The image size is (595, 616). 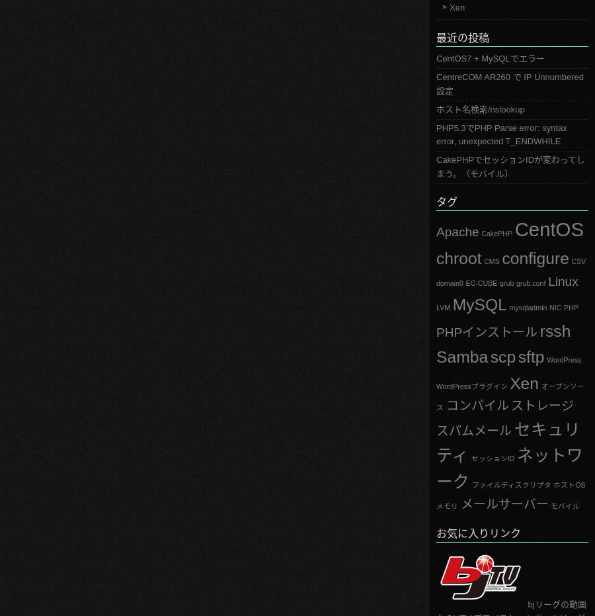 I want to click on 'CentOS7 + MySQLでエラー', so click(x=489, y=58).